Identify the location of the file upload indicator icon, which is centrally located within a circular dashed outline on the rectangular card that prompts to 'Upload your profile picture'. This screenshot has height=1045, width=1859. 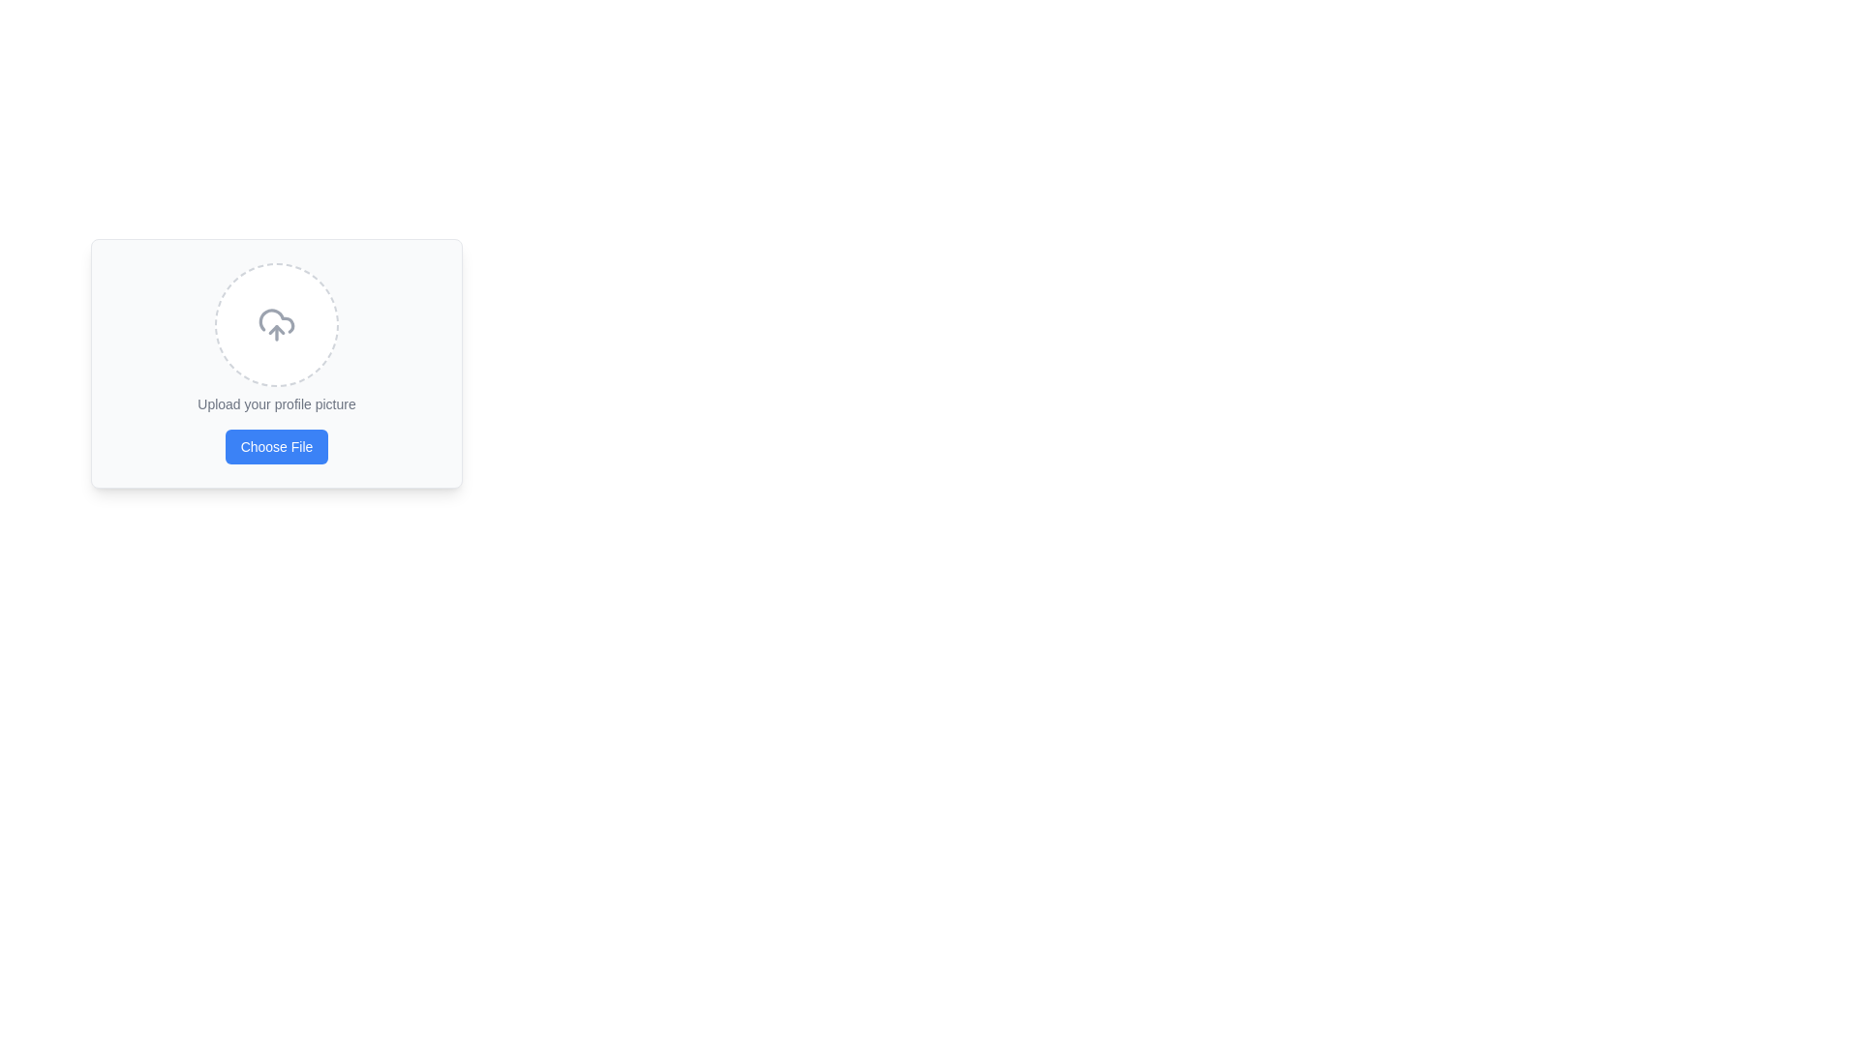
(275, 323).